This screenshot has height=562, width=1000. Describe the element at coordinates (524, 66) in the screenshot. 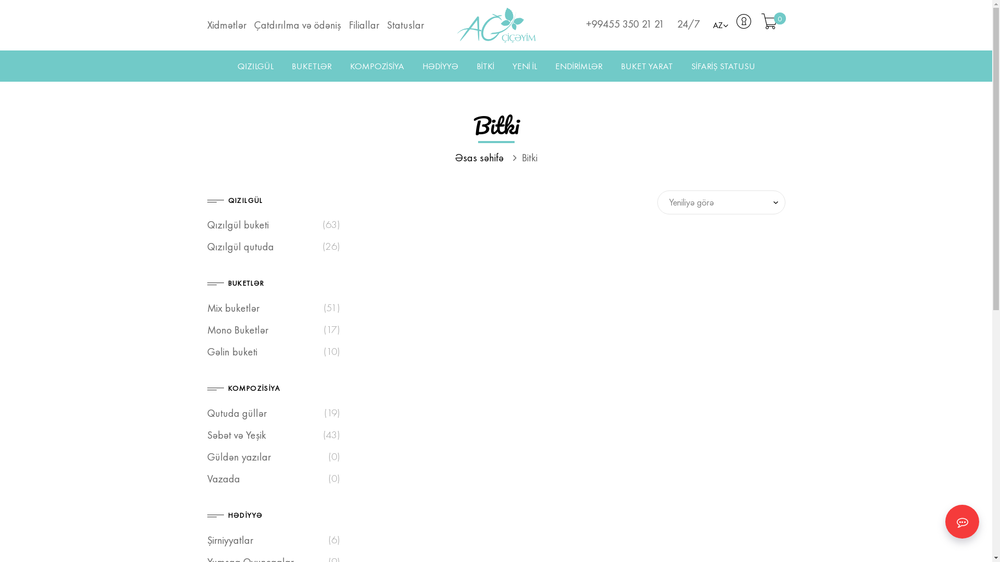

I see `'YENI IL'` at that location.